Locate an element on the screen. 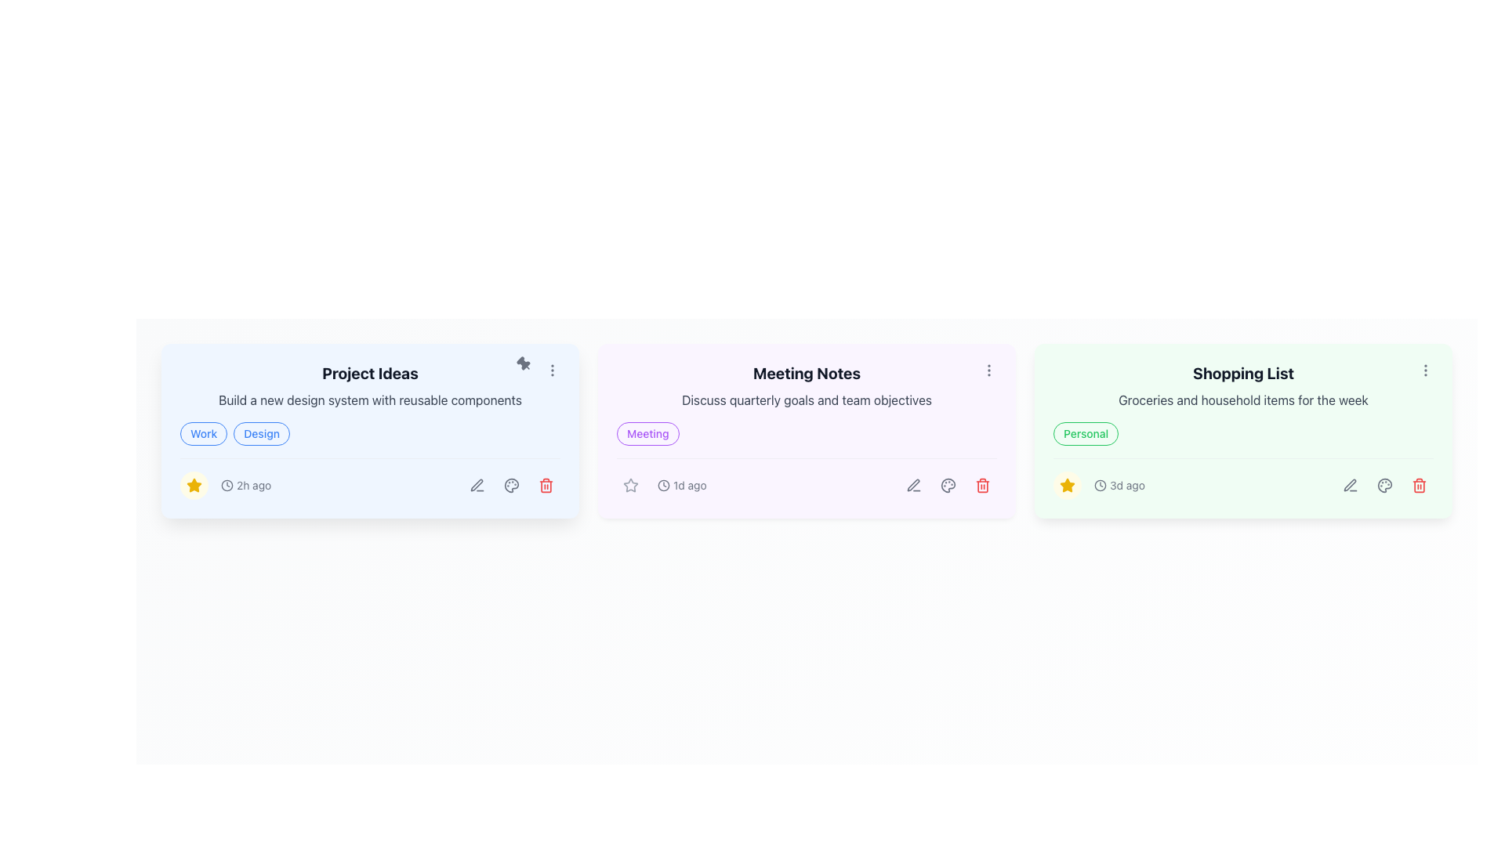 Image resolution: width=1505 pixels, height=846 pixels. time indication text '2h ago' from the composite UI component located at the bottom-left corner of the 'Project Ideas' card, which consists of a star icon, a clock icon, and the text label is located at coordinates (225, 485).